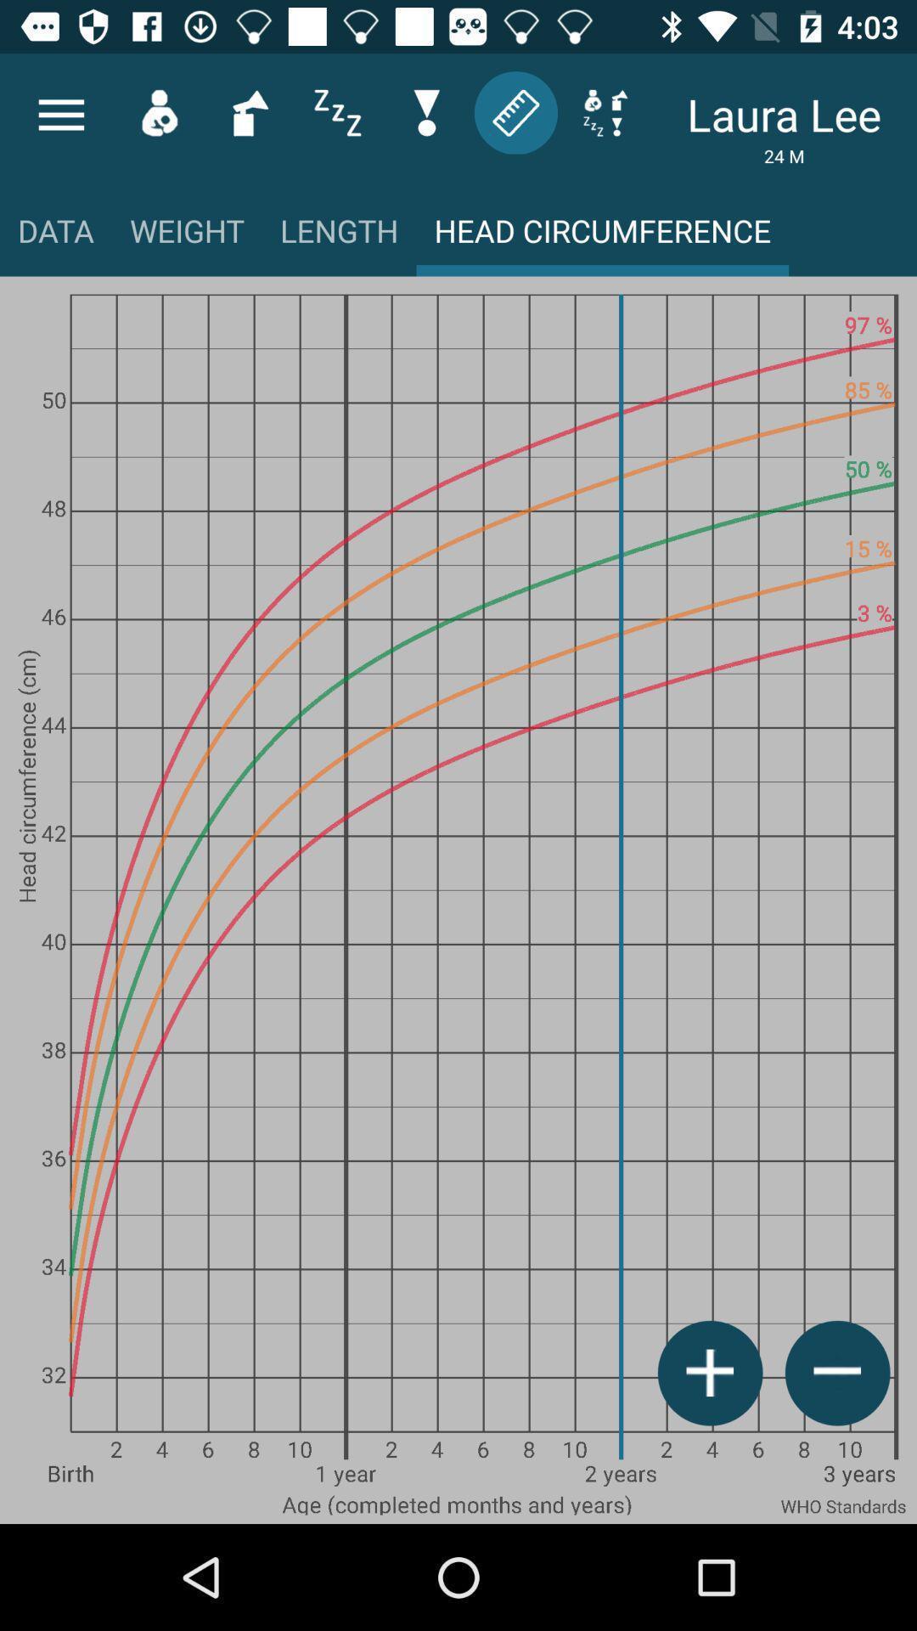 The width and height of the screenshot is (917, 1631). I want to click on the avatar icon, so click(159, 111).